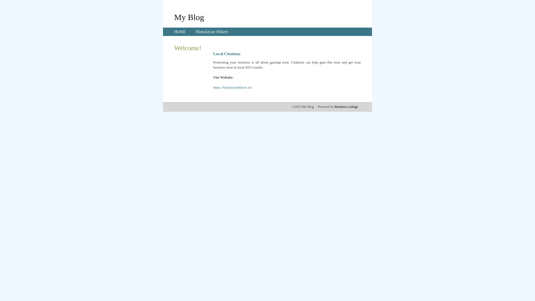 The width and height of the screenshot is (535, 301). I want to click on 'https://himalayanhikers.in/', so click(213, 87).